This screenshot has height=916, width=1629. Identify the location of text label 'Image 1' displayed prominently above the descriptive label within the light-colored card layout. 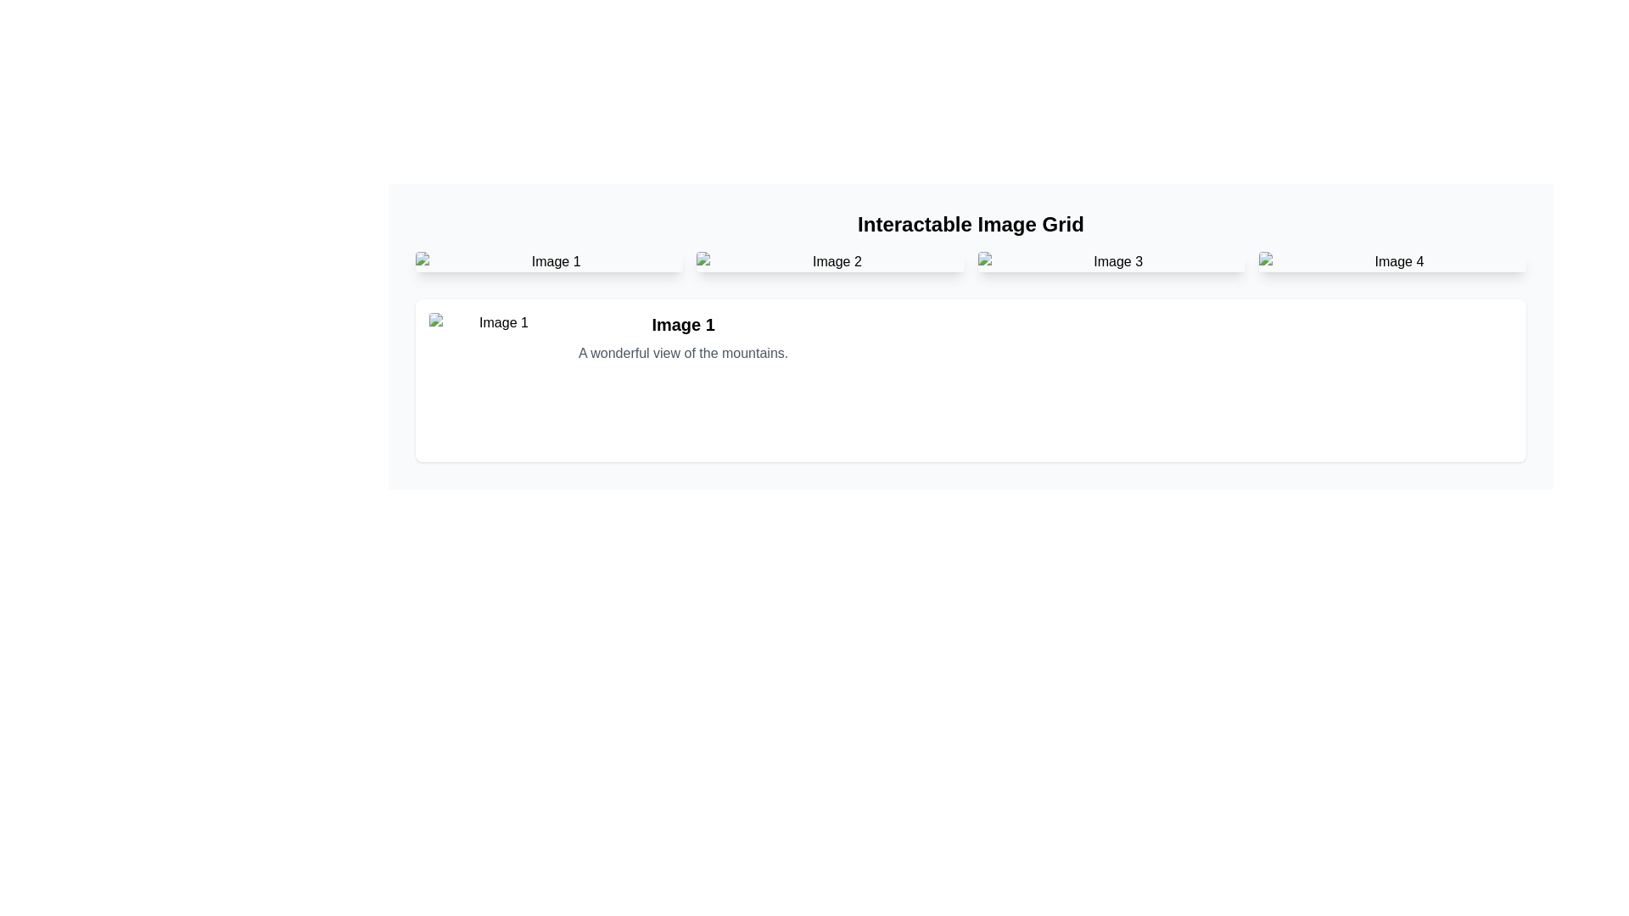
(683, 324).